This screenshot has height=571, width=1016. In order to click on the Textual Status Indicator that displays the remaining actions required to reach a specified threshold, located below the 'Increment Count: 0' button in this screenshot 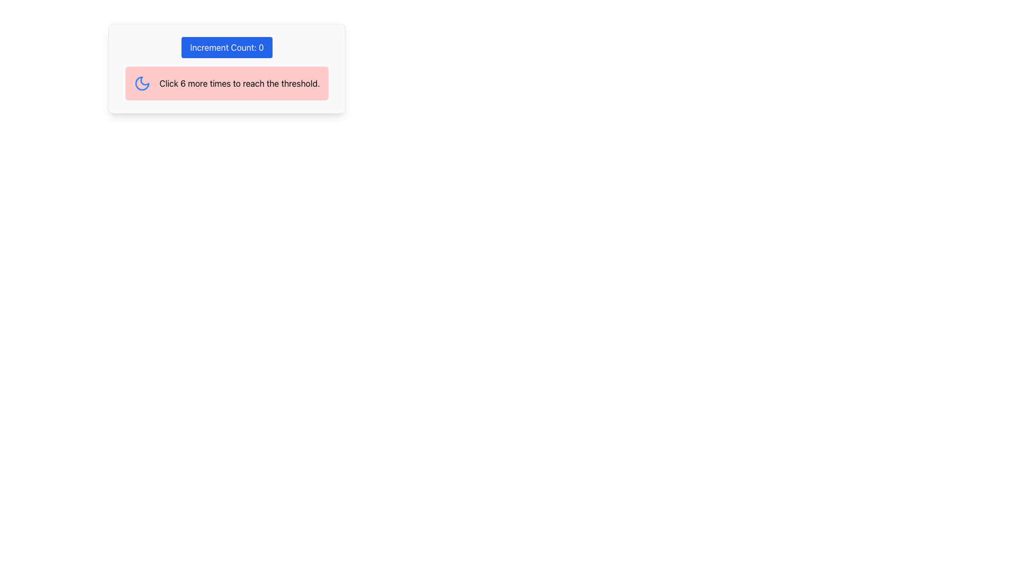, I will do `click(226, 83)`.